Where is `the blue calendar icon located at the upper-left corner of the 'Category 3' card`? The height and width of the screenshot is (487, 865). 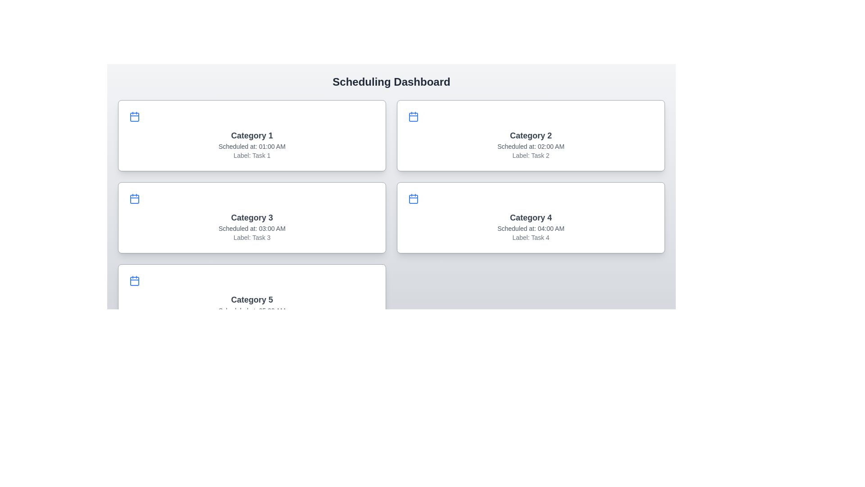 the blue calendar icon located at the upper-left corner of the 'Category 3' card is located at coordinates (134, 198).